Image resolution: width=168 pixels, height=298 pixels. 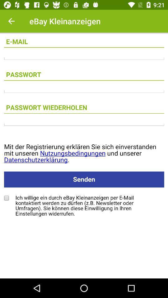 I want to click on type the text, so click(x=84, y=124).